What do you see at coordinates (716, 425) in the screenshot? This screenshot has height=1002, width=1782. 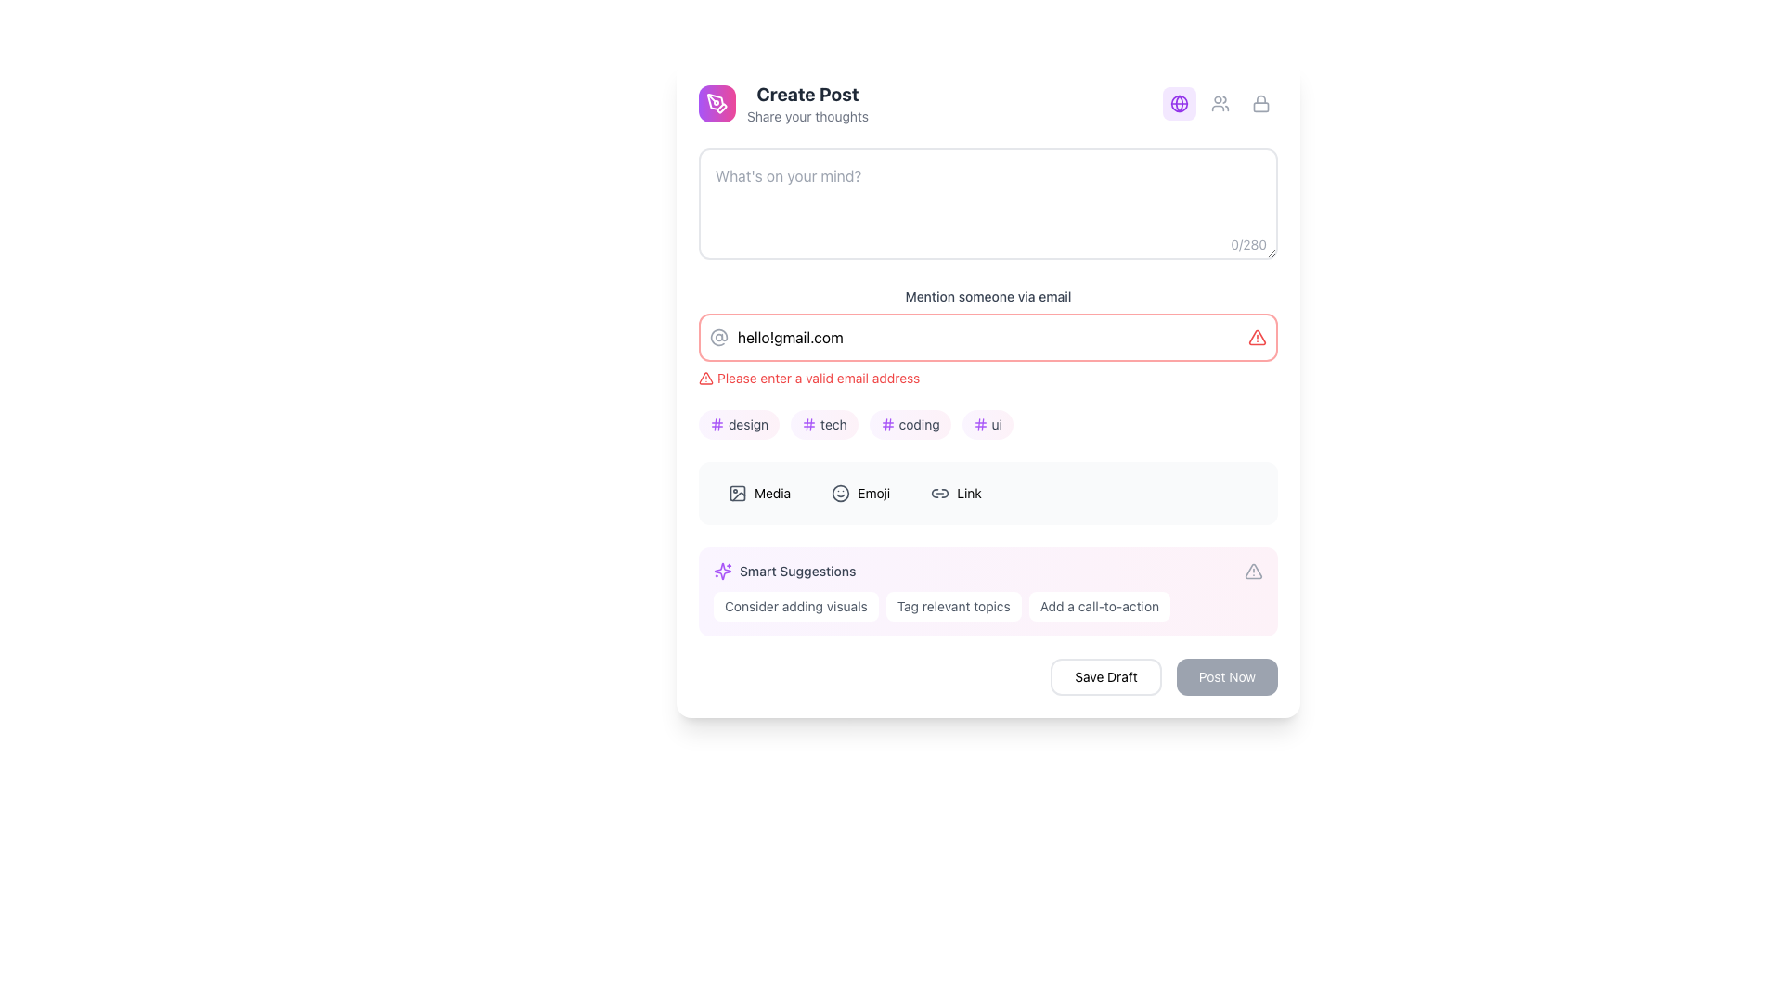 I see `the small purple hashtag icon with rounded edges located to the left of the text 'design' within a rounded rectangular button` at bounding box center [716, 425].